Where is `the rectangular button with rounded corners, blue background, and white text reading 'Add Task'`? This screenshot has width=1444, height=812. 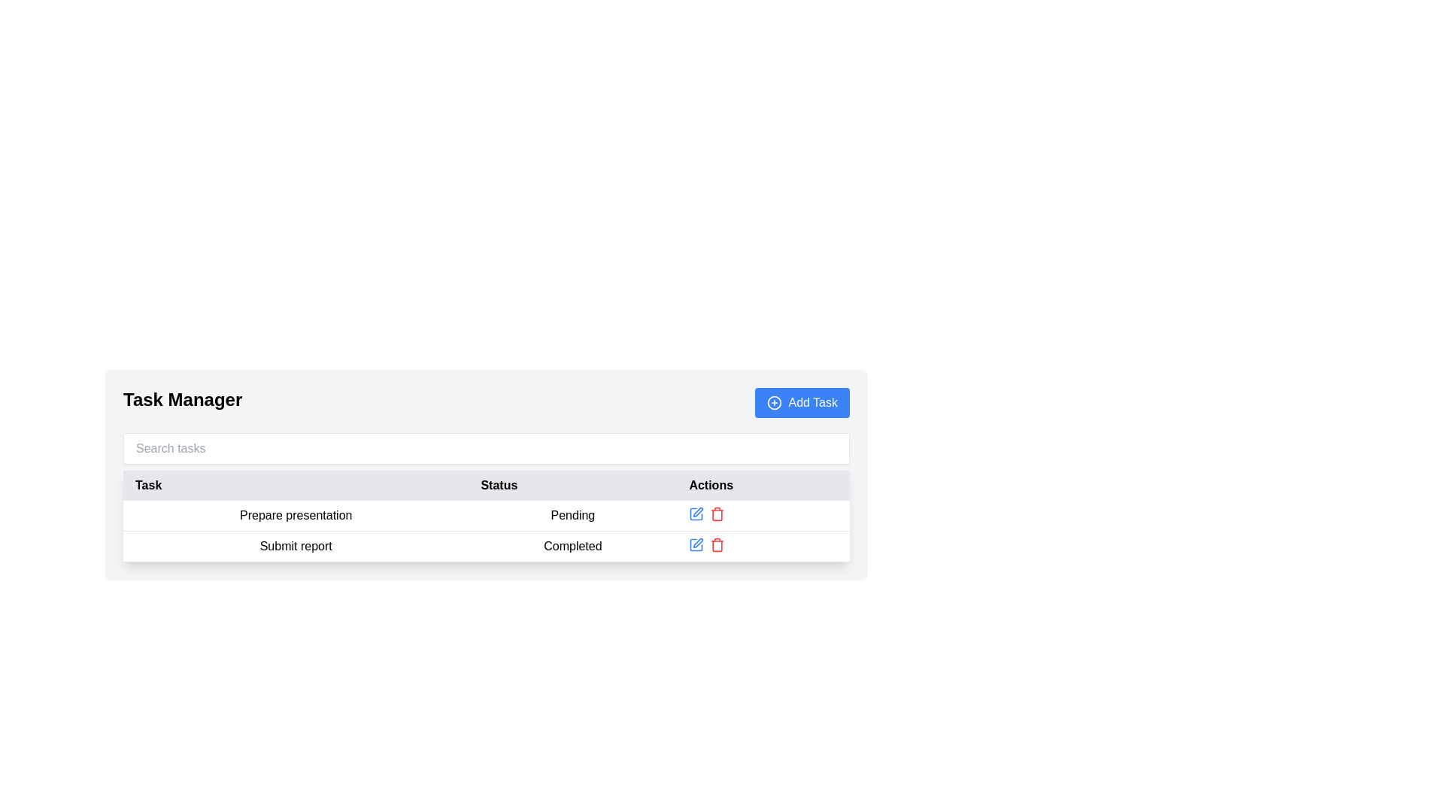
the rectangular button with rounded corners, blue background, and white text reading 'Add Task' is located at coordinates (802, 402).